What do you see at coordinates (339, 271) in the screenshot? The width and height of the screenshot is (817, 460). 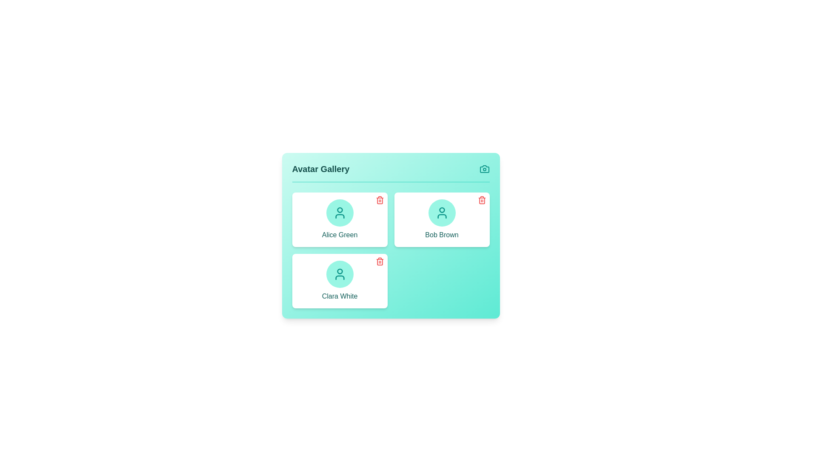 I see `the user avatar icon representing 'Clara White' in the bottom card on the left side` at bounding box center [339, 271].